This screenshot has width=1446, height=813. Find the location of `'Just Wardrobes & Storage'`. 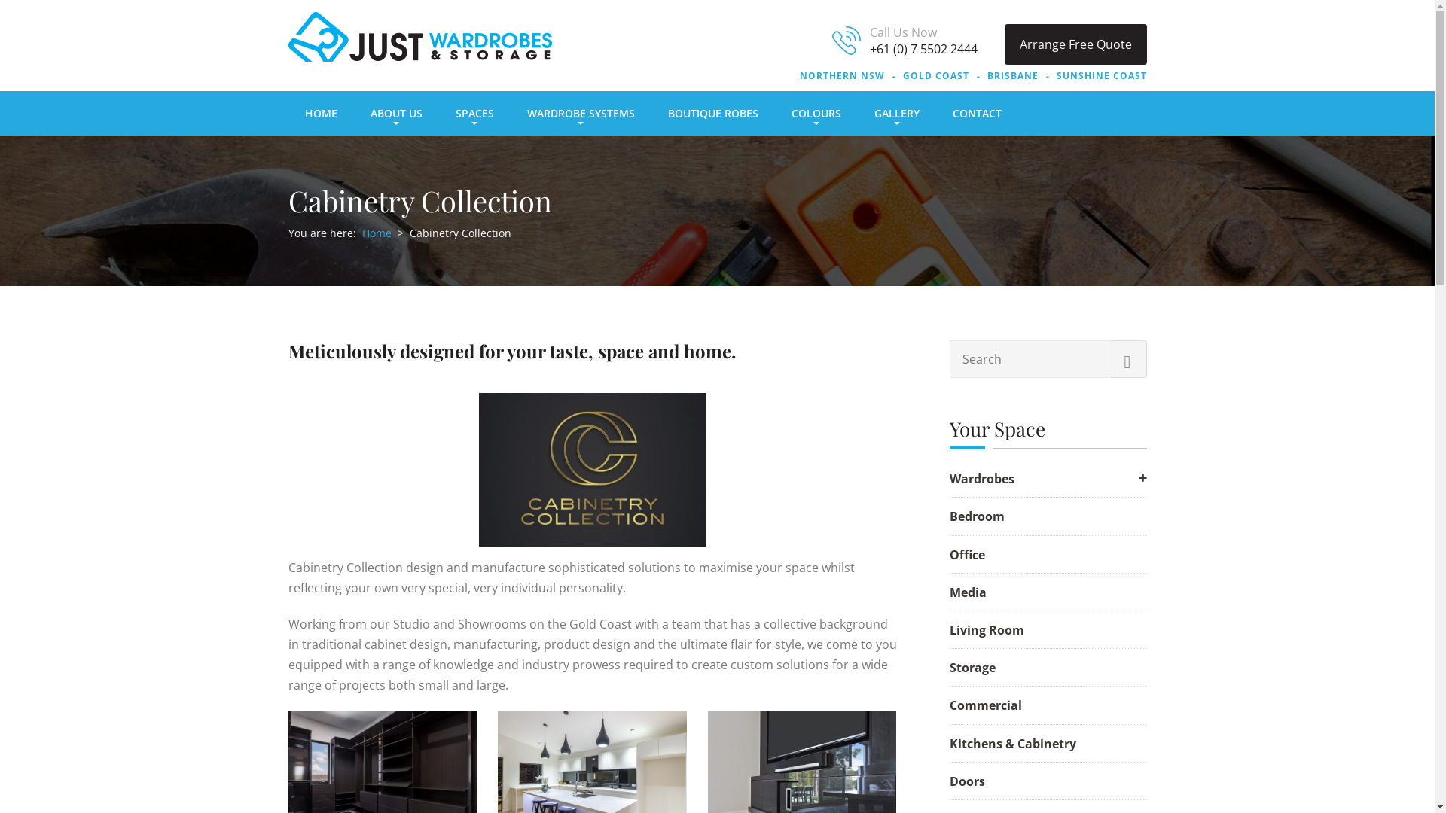

'Just Wardrobes & Storage' is located at coordinates (419, 36).